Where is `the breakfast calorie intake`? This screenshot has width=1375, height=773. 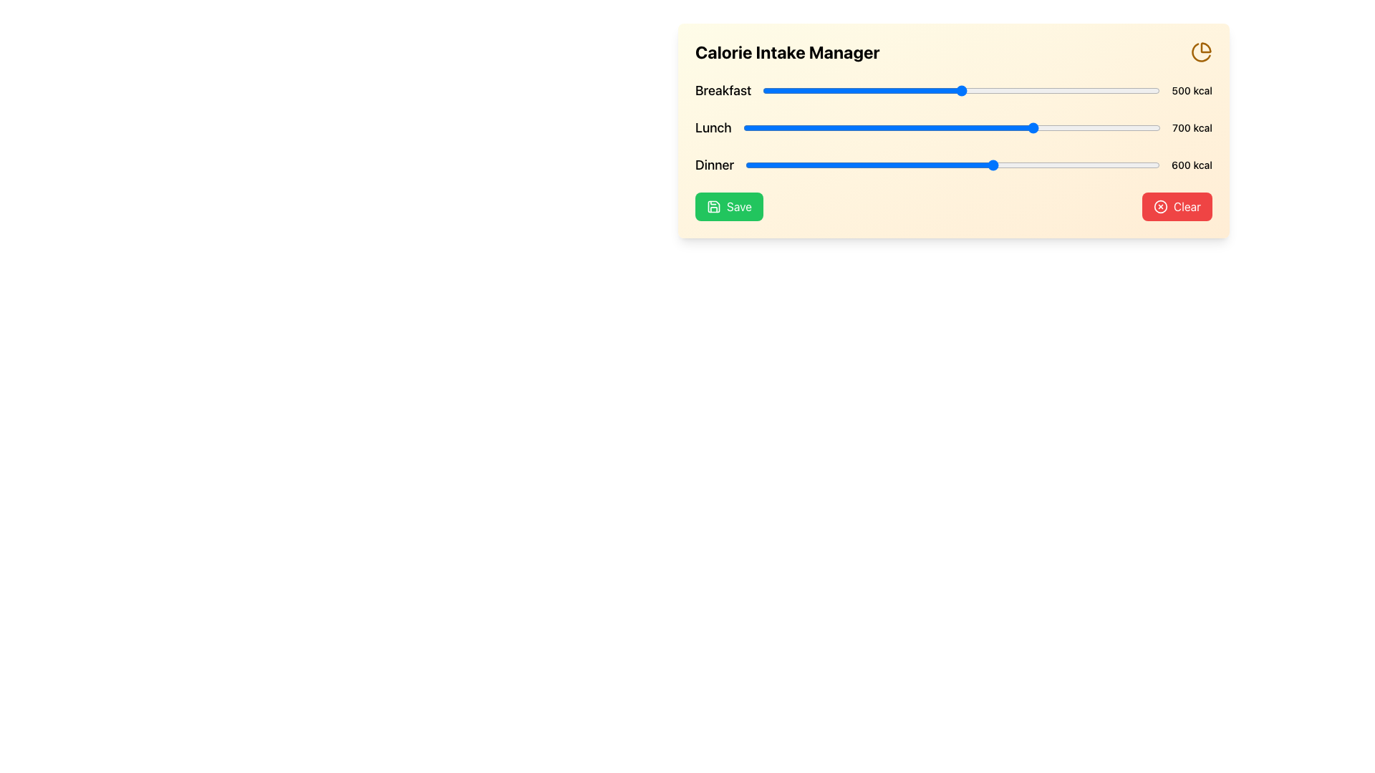
the breakfast calorie intake is located at coordinates (862, 91).